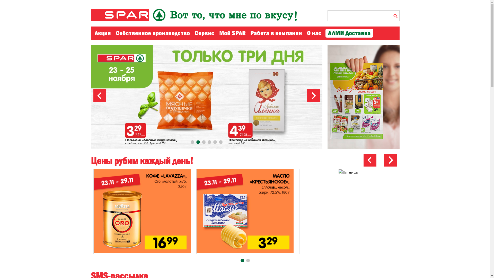 This screenshot has width=494, height=278. Describe the element at coordinates (213, 142) in the screenshot. I see `'5'` at that location.